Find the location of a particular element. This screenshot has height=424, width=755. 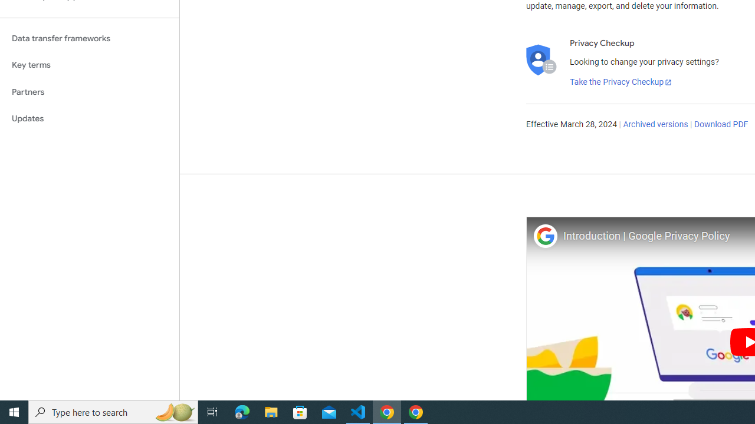

'Photo image of Google' is located at coordinates (544, 236).